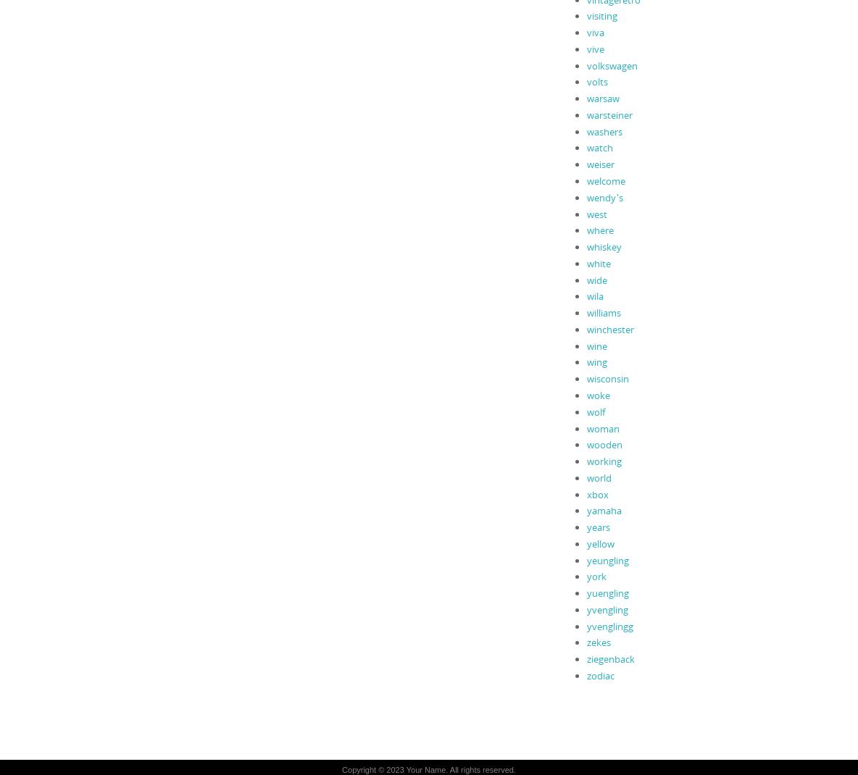 The width and height of the screenshot is (858, 775). What do you see at coordinates (586, 247) in the screenshot?
I see `'whiskey'` at bounding box center [586, 247].